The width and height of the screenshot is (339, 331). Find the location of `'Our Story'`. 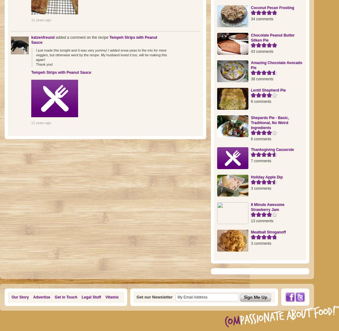

'Our Story' is located at coordinates (20, 297).